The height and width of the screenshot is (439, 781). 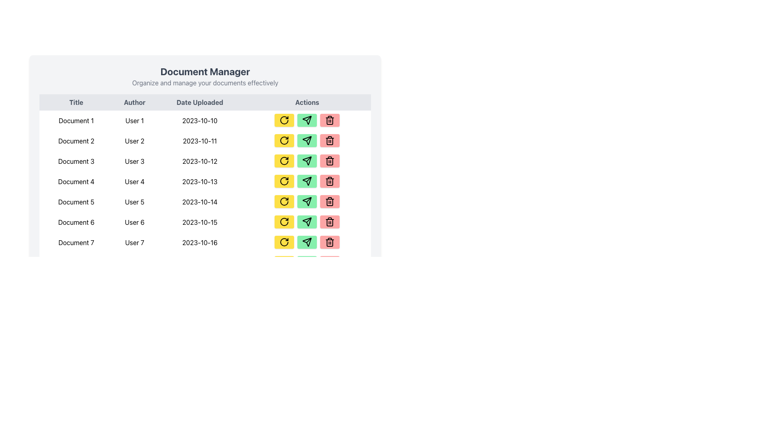 What do you see at coordinates (307, 181) in the screenshot?
I see `the green send button with rounded corners and an arrow icon located in the 'Actions' column, positioned to the right of the yellow refresh button and to the left of the red delete button` at bounding box center [307, 181].